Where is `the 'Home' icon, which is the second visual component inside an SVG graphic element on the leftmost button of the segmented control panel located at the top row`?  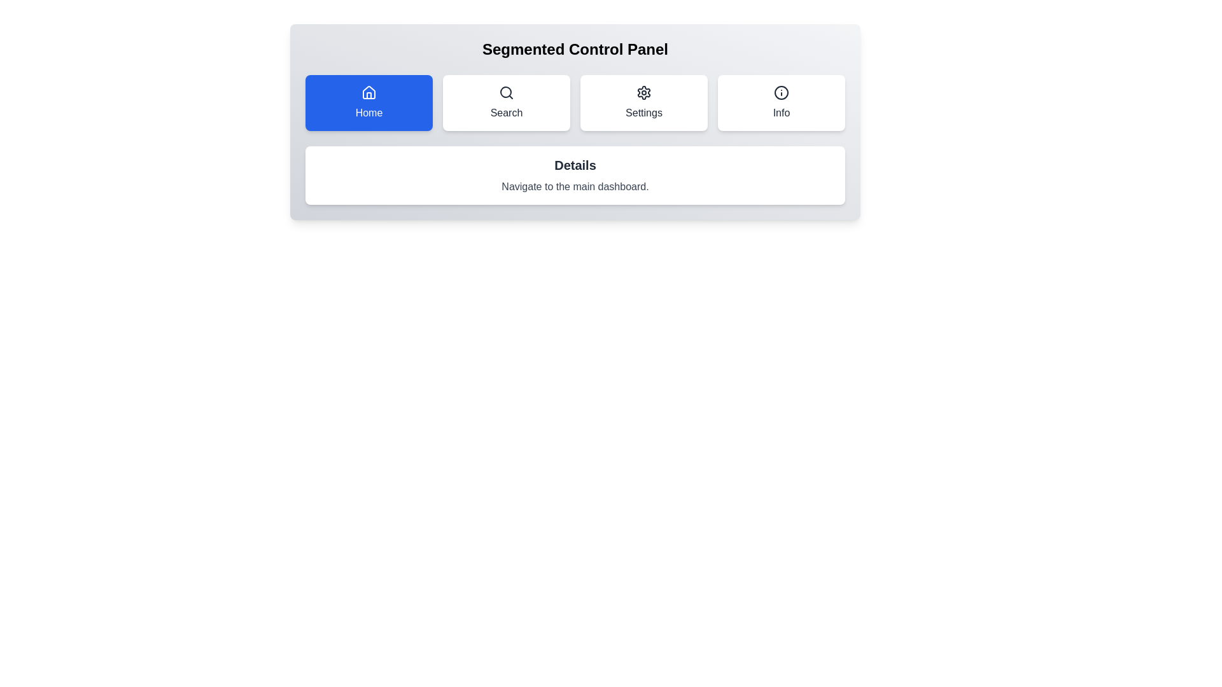 the 'Home' icon, which is the second visual component inside an SVG graphic element on the leftmost button of the segmented control panel located at the top row is located at coordinates (369, 92).